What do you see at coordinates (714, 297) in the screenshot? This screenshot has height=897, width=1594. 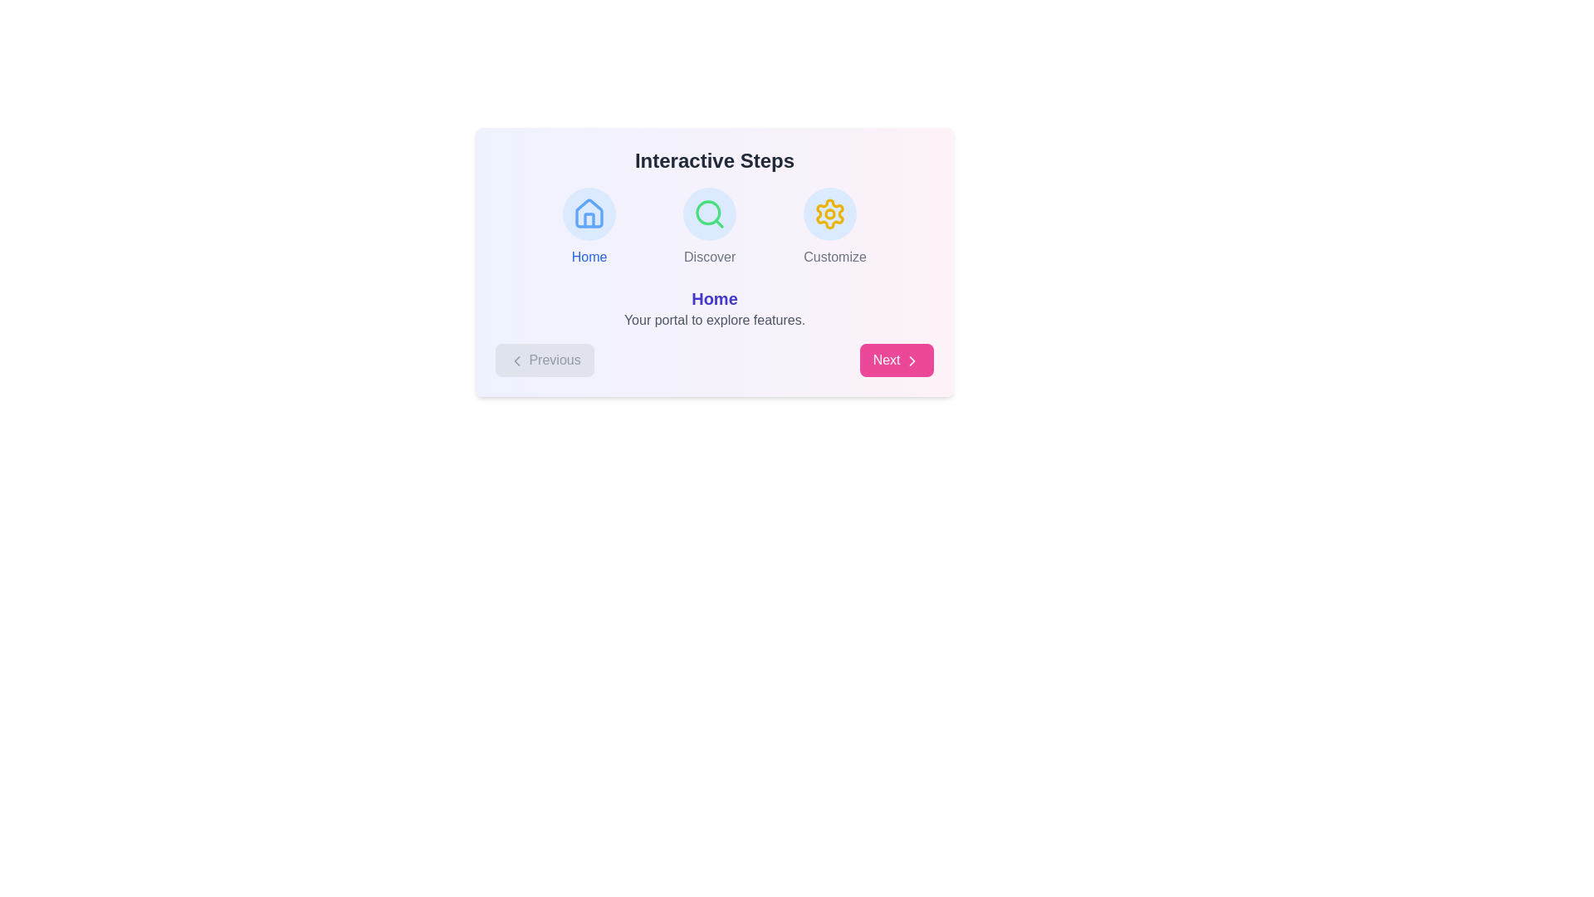 I see `the bold indigo 'Home' text label positioned centrally above 'Your portal` at bounding box center [714, 297].